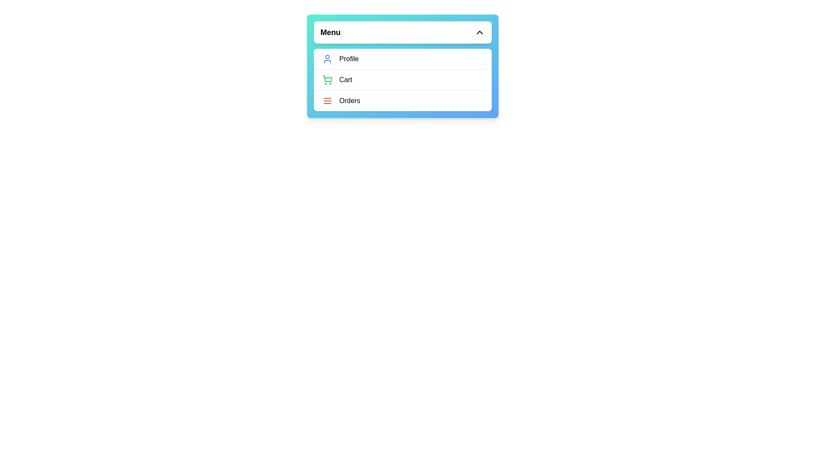  What do you see at coordinates (402, 80) in the screenshot?
I see `the menu item Cart from the options: Profile, Cart, Orders` at bounding box center [402, 80].